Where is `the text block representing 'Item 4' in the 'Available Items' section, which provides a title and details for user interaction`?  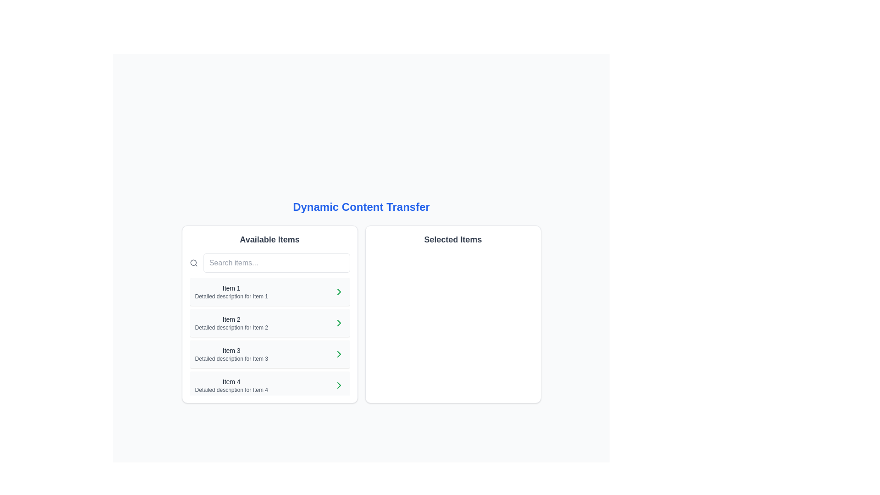
the text block representing 'Item 4' in the 'Available Items' section, which provides a title and details for user interaction is located at coordinates (231, 385).